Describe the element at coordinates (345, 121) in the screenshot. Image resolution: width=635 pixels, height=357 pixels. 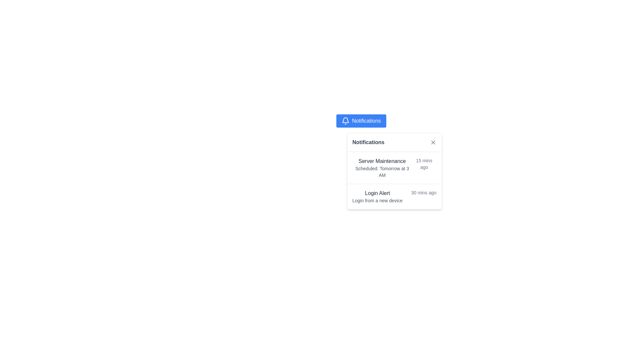
I see `keyboard navigation` at that location.